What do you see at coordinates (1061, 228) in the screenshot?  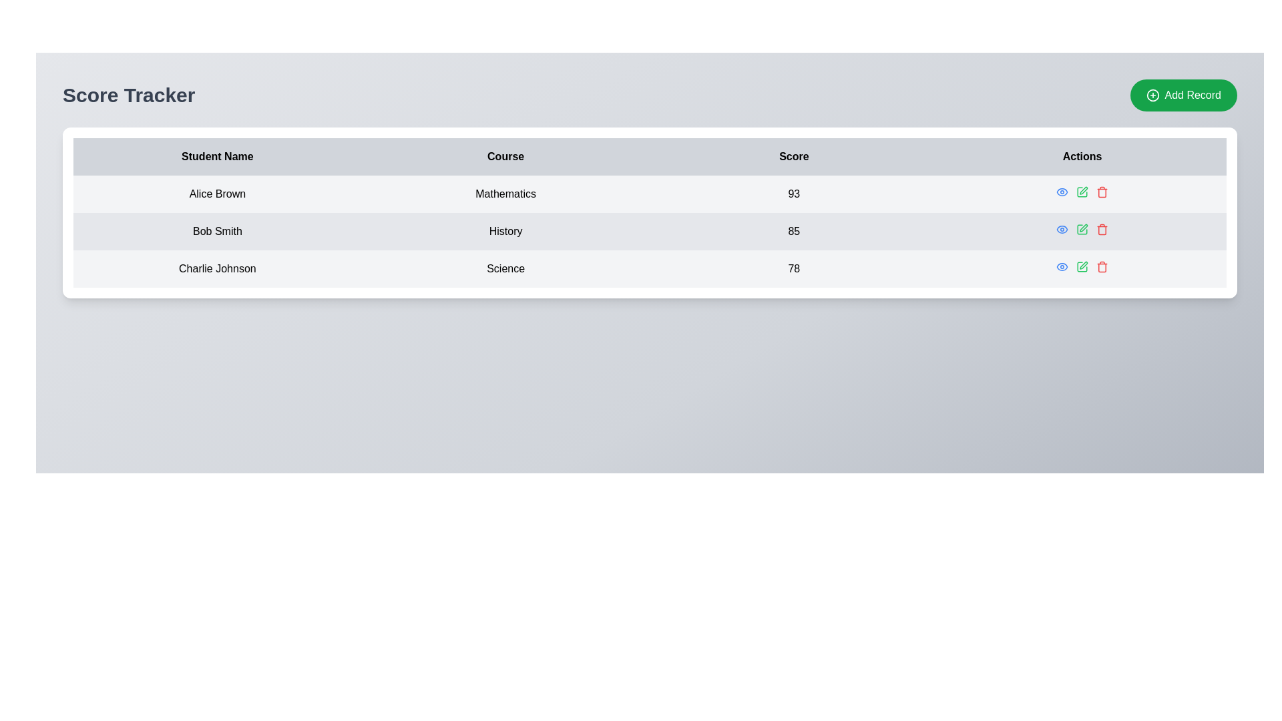 I see `the first icon-based button in the 'Actions' column of the second row in the table` at bounding box center [1061, 228].